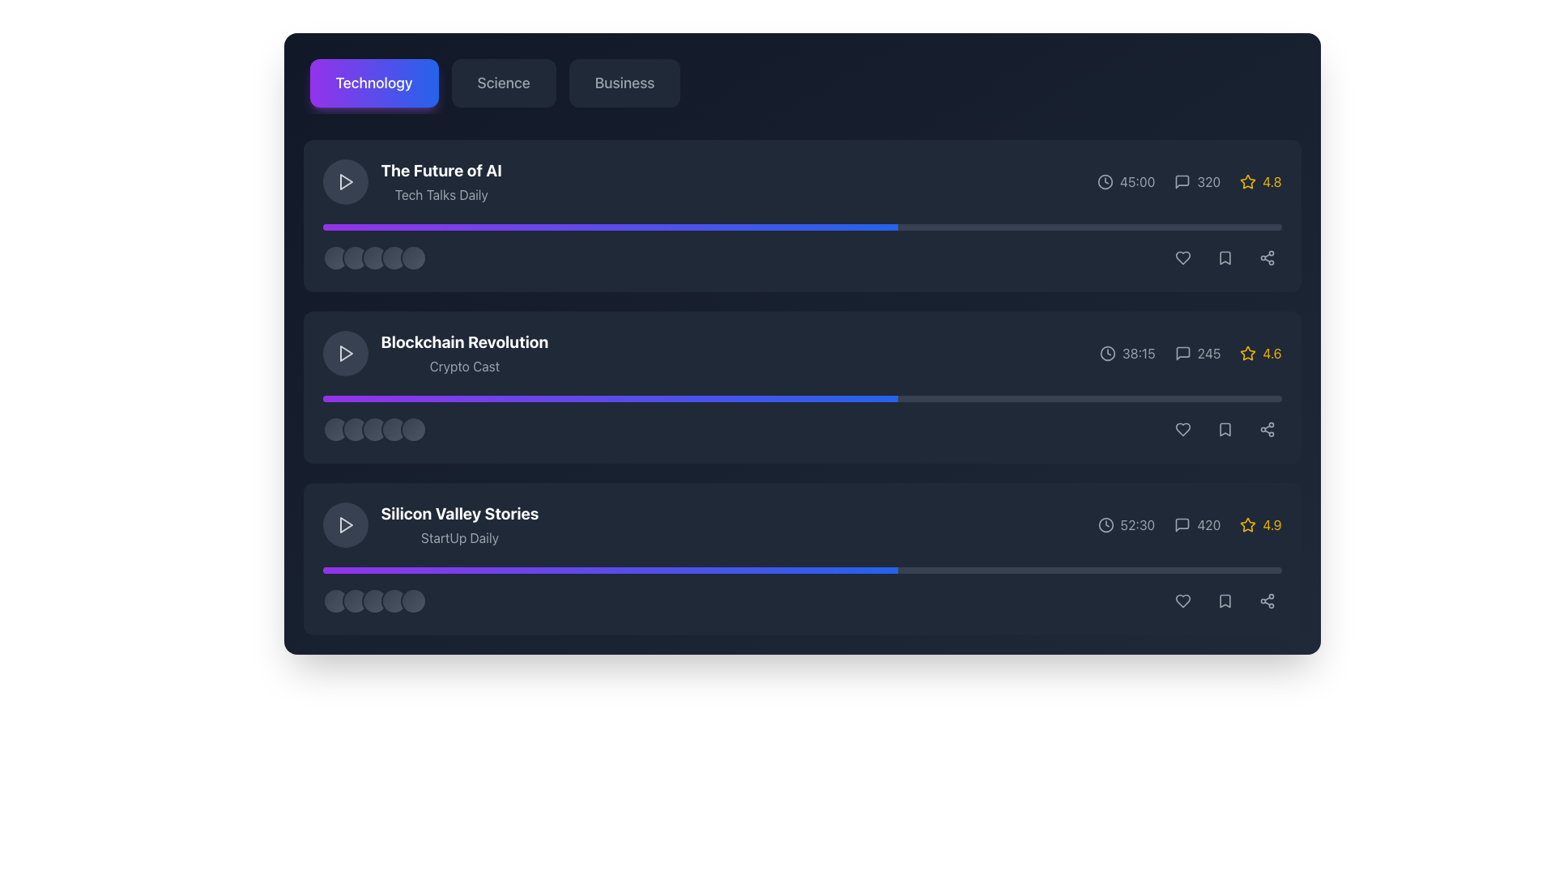 This screenshot has height=874, width=1555. Describe the element at coordinates (334, 601) in the screenshot. I see `the first circular indicator in the 'Silicon Valley Stories' section, located below the progress bar` at that location.